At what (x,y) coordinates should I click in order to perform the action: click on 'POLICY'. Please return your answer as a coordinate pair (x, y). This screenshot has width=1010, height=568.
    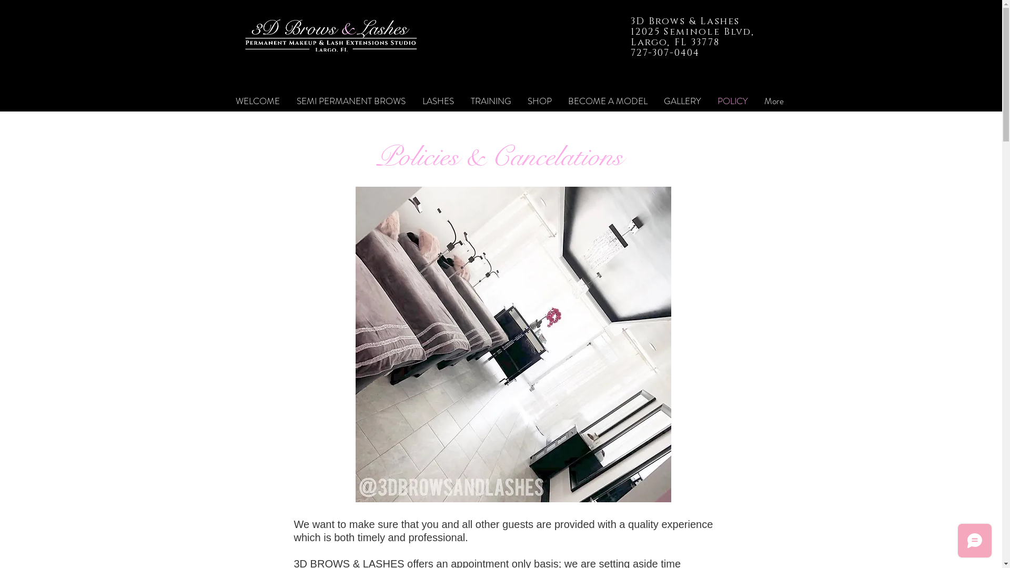
    Looking at the image, I should click on (732, 101).